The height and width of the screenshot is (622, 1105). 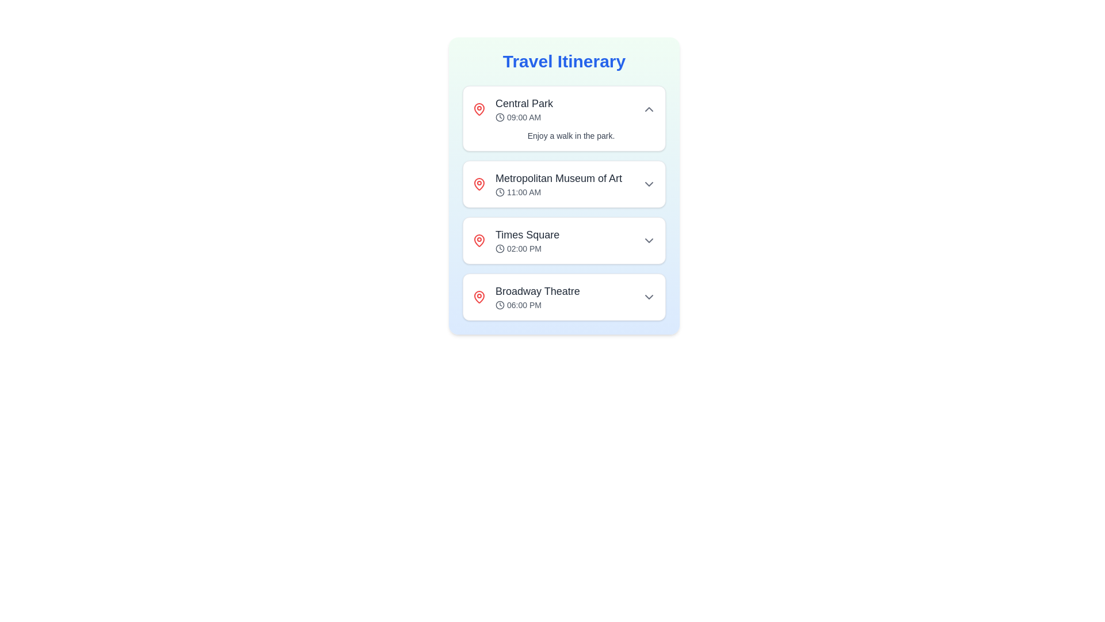 What do you see at coordinates (500, 117) in the screenshot?
I see `the clock icon located next to the '09:00 AM' text in the Central Park section, which has a circular outline and clock hands` at bounding box center [500, 117].